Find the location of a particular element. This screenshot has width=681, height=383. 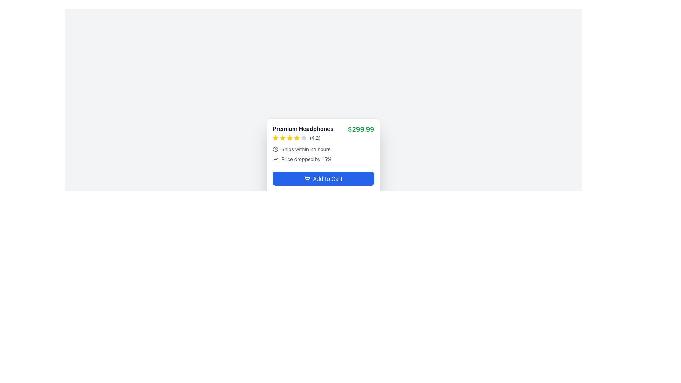

the informational text element that provides details about the product's shipping time and recent price change, located below the product title and price section, above the 'Add to Cart' button is located at coordinates (323, 154).